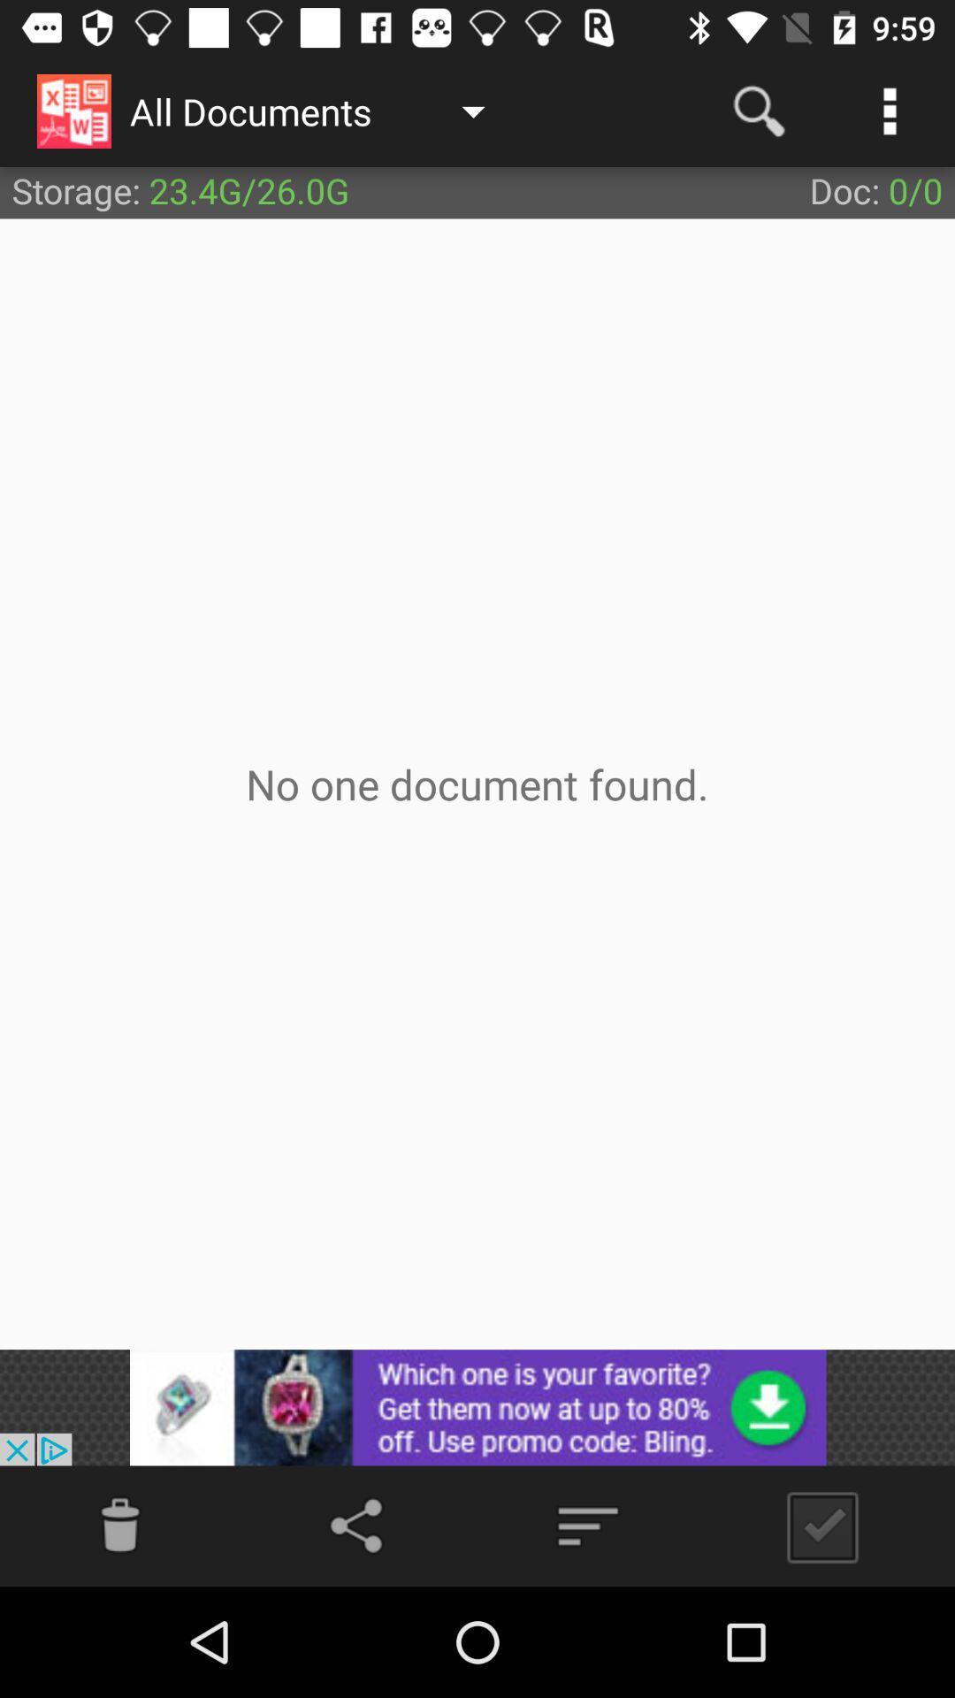 The height and width of the screenshot is (1698, 955). What do you see at coordinates (119, 1525) in the screenshot?
I see `delete option` at bounding box center [119, 1525].